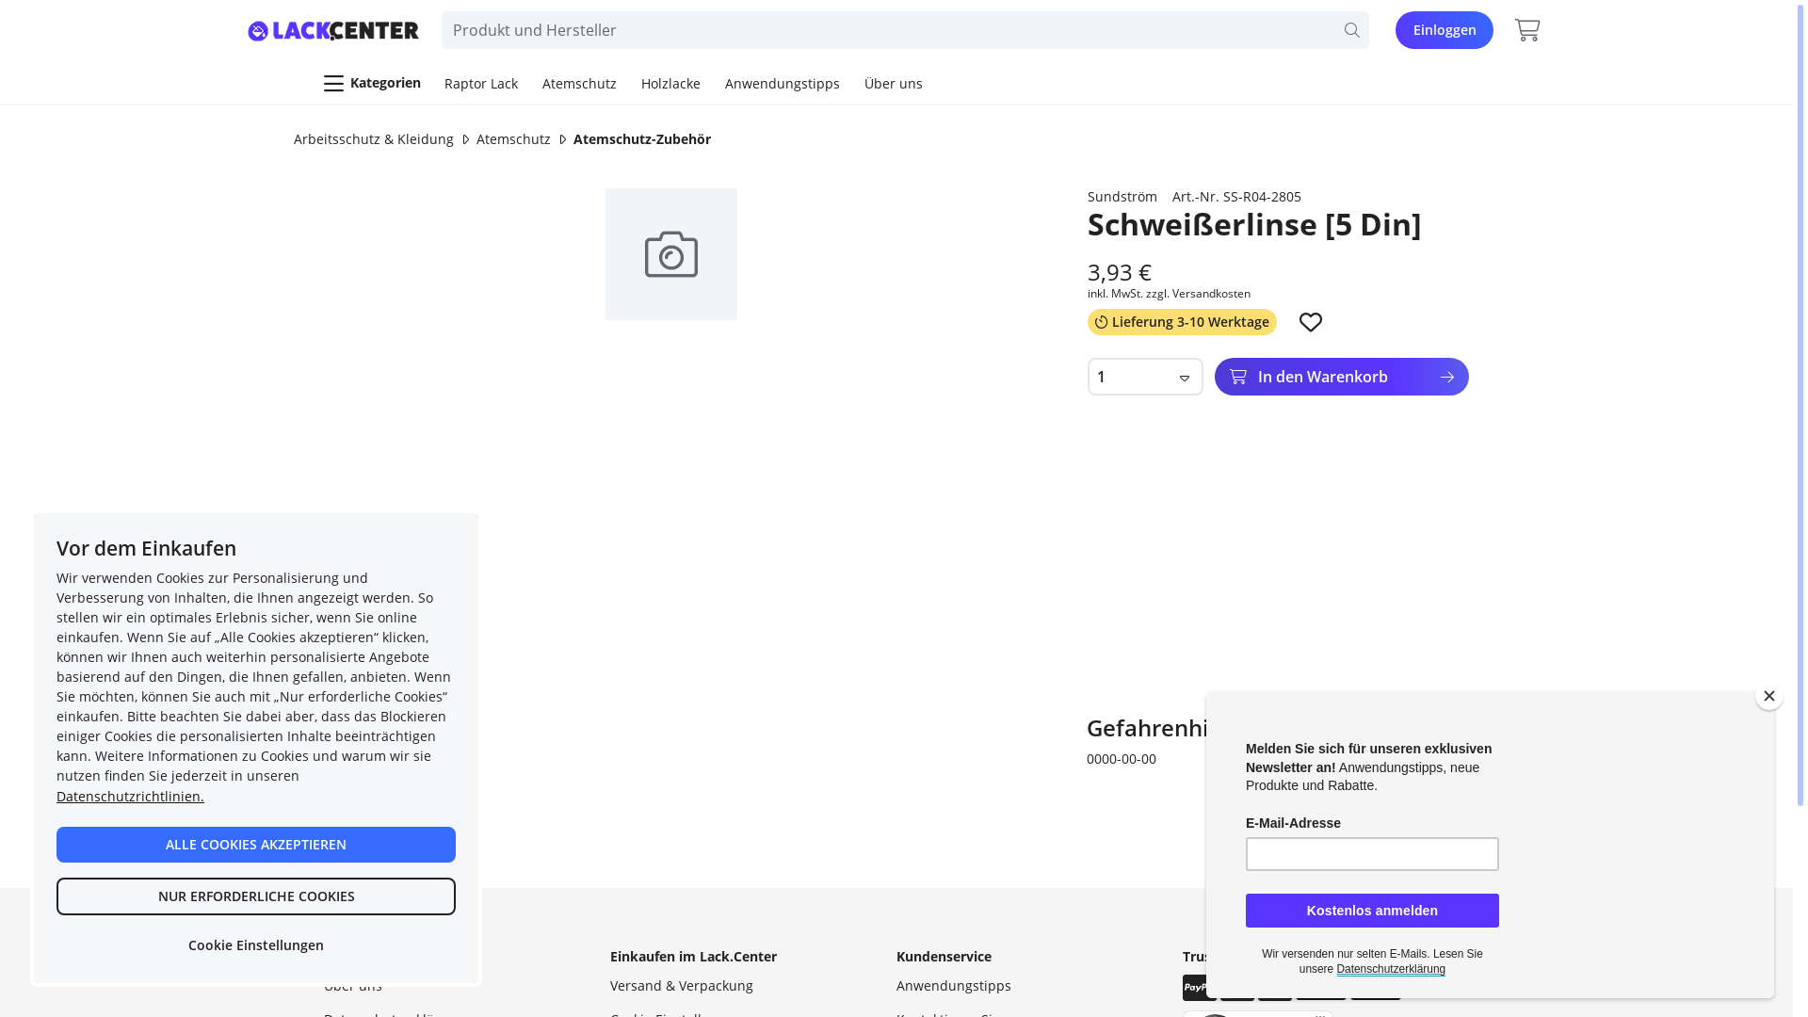 The height and width of the screenshot is (1017, 1808). I want to click on 'In den Warenkorb', so click(1341, 377).